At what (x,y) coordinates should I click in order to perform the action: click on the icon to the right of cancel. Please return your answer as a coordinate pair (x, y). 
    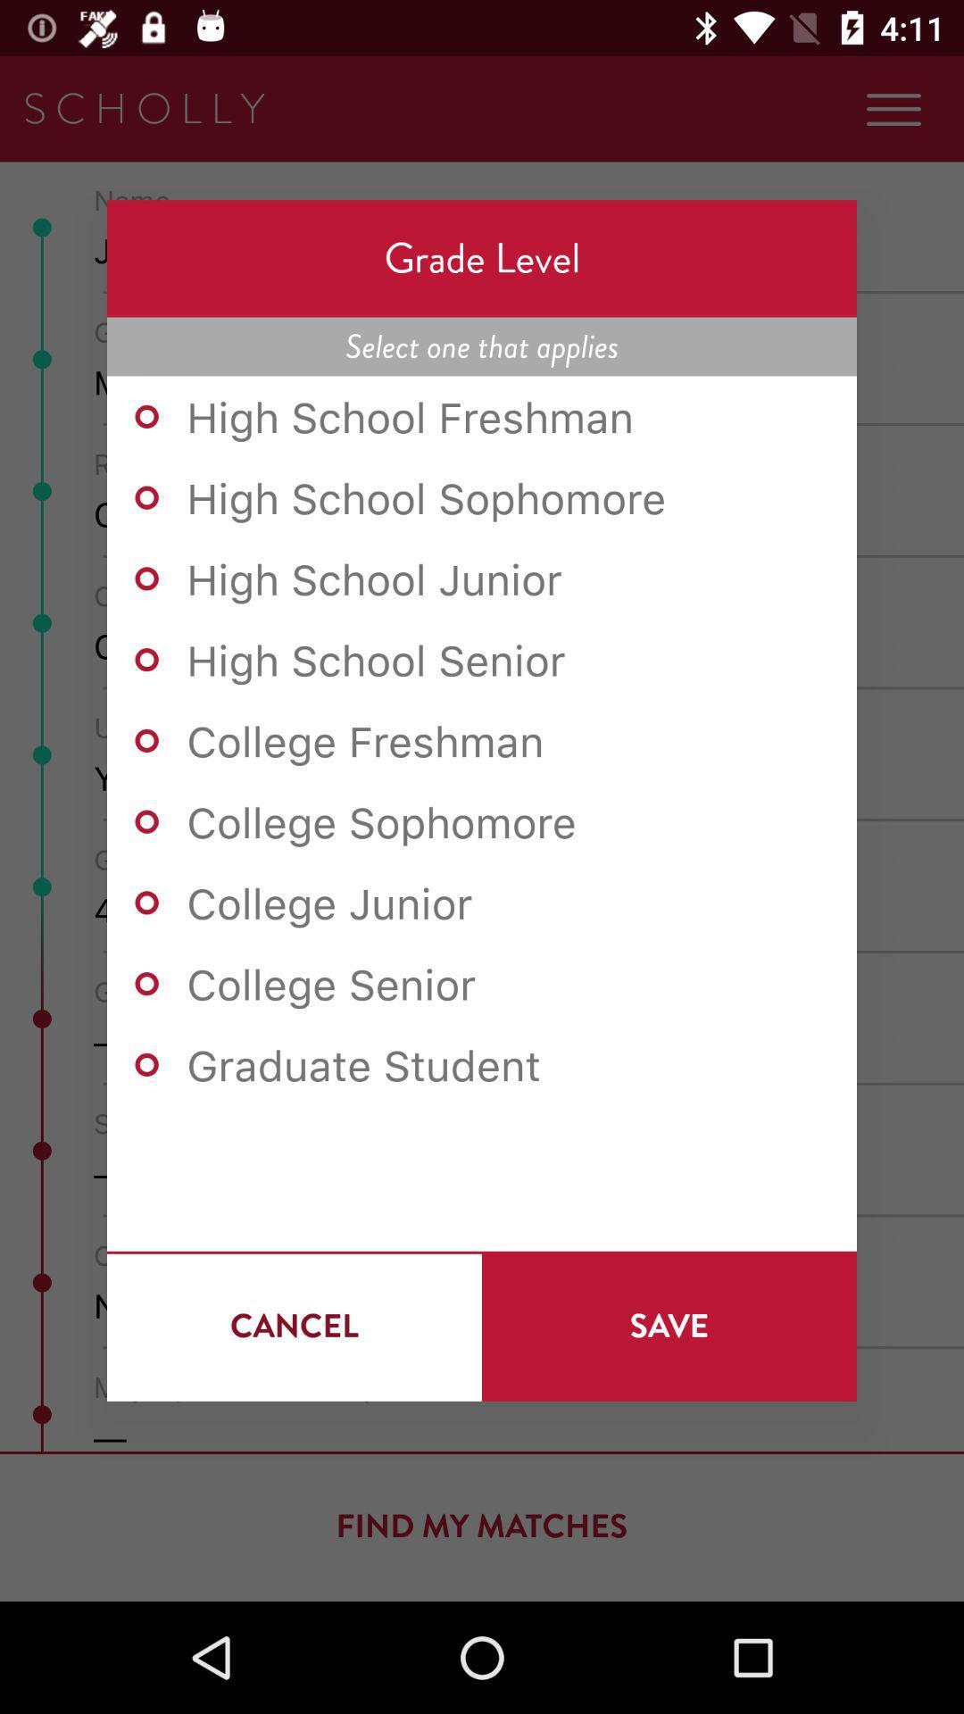
    Looking at the image, I should click on (669, 1326).